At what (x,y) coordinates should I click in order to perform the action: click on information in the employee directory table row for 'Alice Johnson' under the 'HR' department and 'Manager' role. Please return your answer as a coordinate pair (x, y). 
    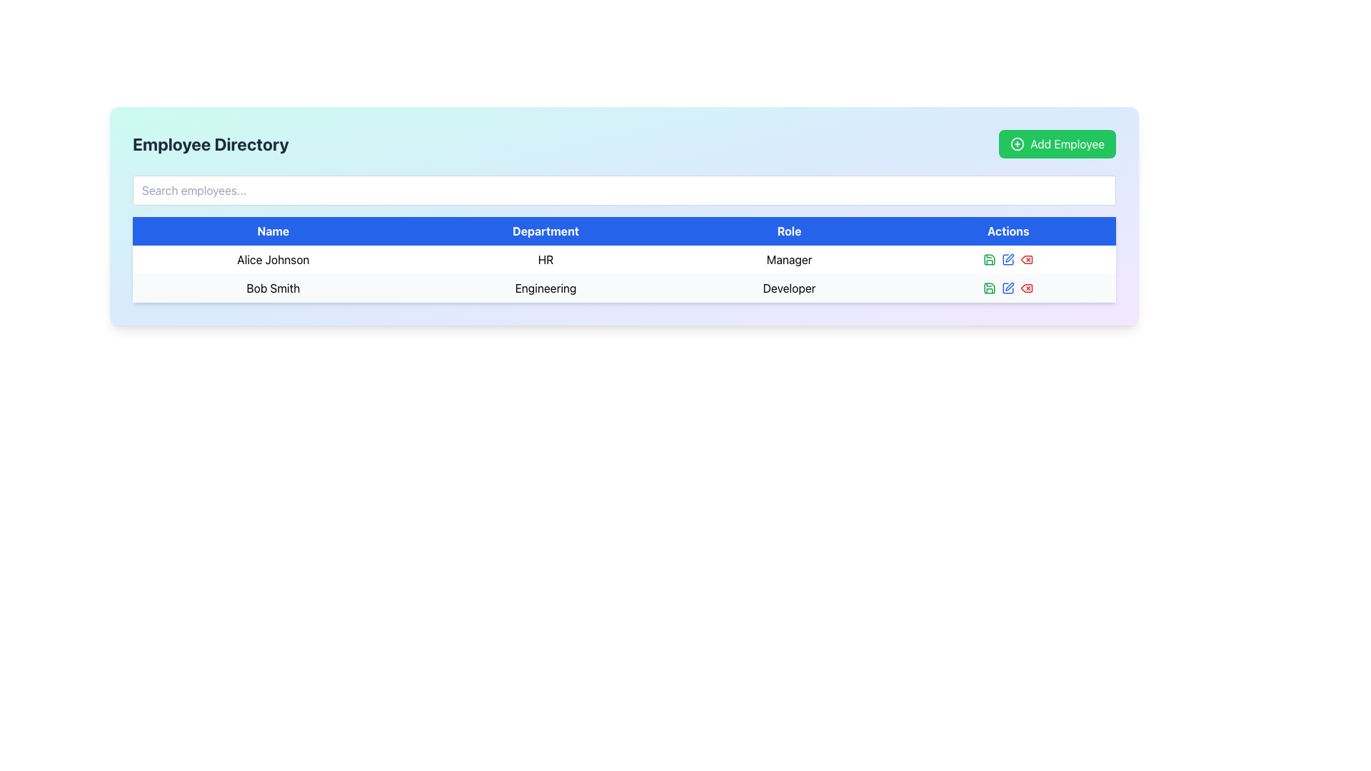
    Looking at the image, I should click on (624, 259).